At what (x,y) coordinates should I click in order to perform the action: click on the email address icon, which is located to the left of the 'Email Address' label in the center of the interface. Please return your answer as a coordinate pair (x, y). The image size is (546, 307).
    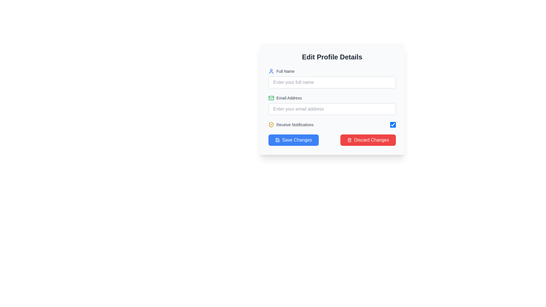
    Looking at the image, I should click on (271, 98).